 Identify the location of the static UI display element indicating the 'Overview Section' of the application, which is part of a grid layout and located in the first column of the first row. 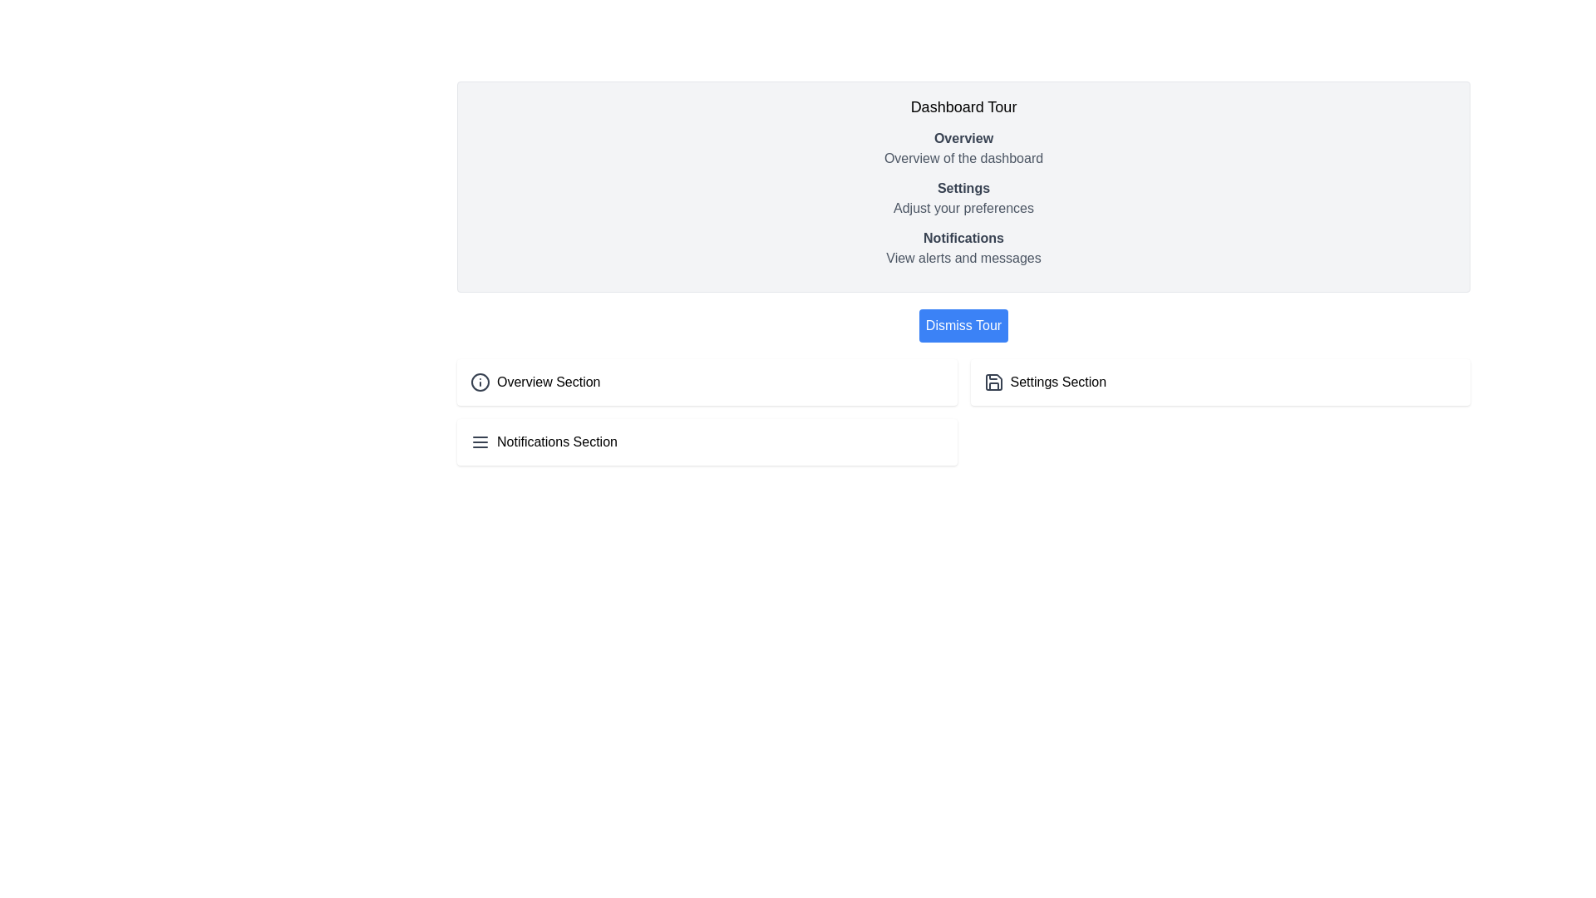
(707, 382).